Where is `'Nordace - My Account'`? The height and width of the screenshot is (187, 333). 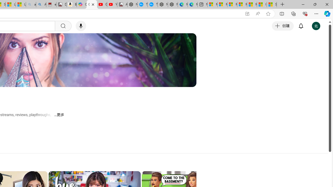 'Nordace - My Account' is located at coordinates (132, 4).